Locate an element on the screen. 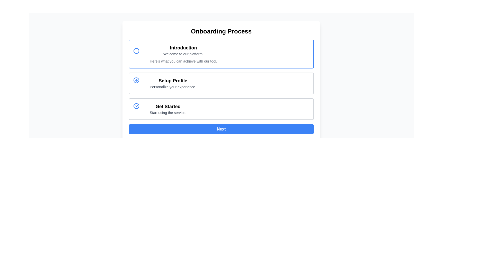 This screenshot has width=494, height=278. the Static Text element that reads "Here's what you can achieve with our tool." which is positioned below the introductory text "Welcome to our platform." in the boxed section labeled "Introduction." is located at coordinates (183, 61).